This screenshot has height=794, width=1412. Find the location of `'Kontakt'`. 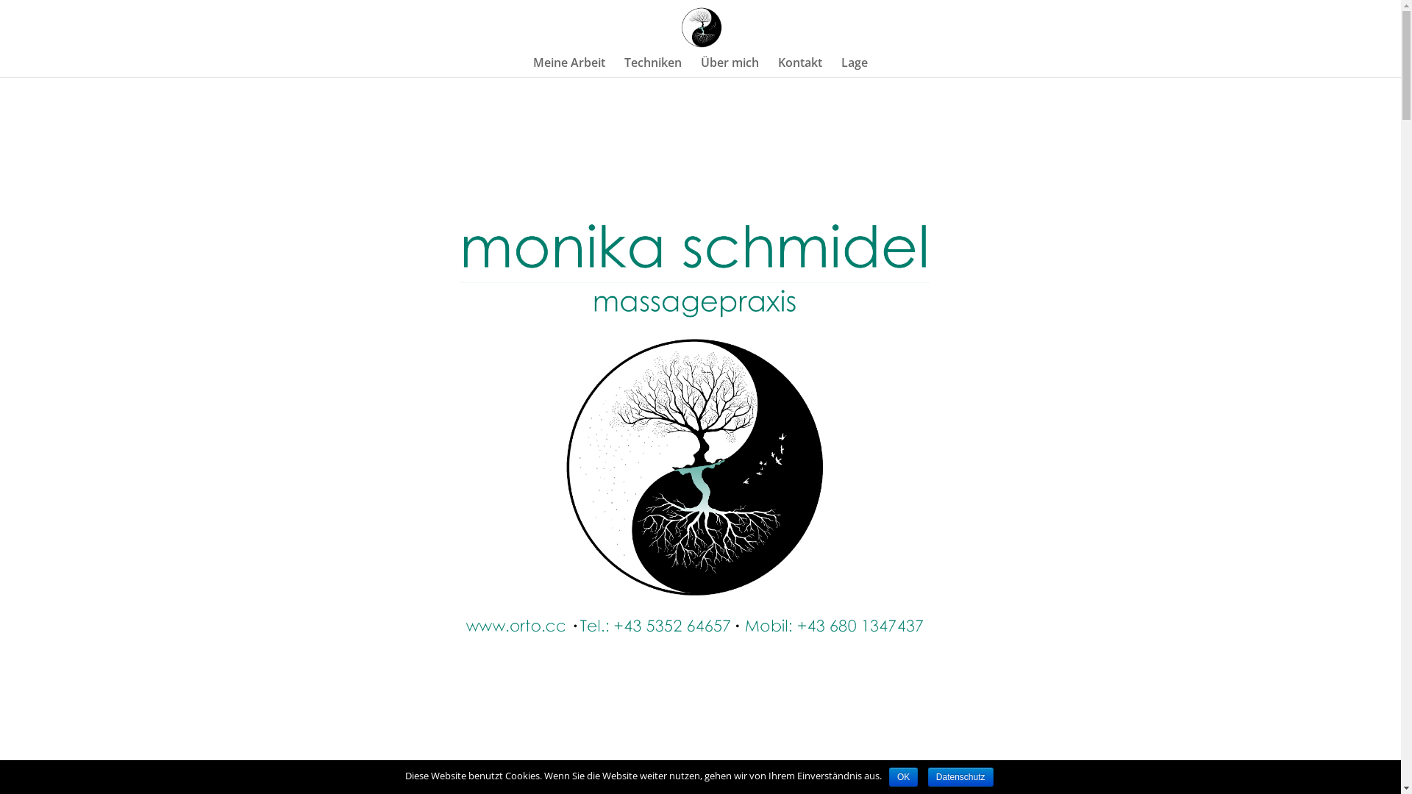

'Kontakt' is located at coordinates (799, 67).